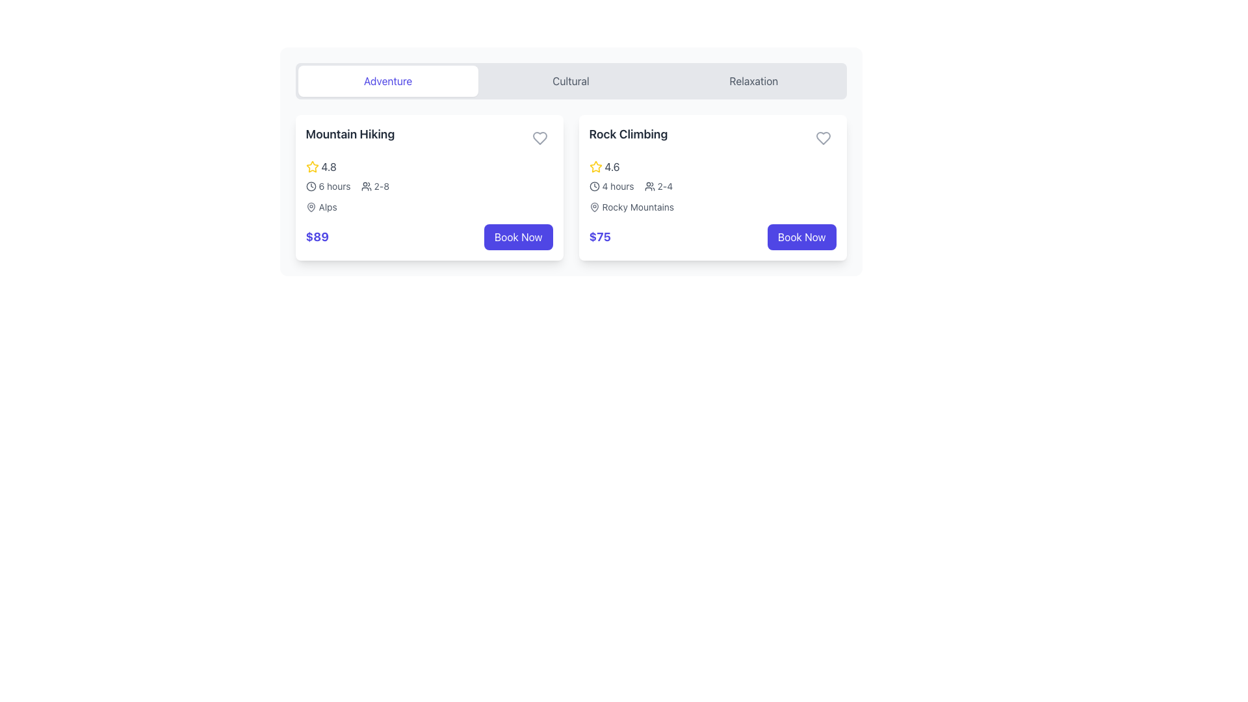  Describe the element at coordinates (539, 138) in the screenshot. I see `the favorite or like button located in the upper-right corner of the Mountain Hiking card to interact` at that location.